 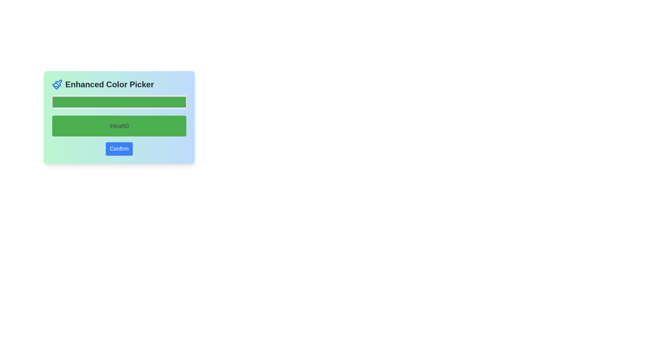 I want to click on graphic/icon component located on the left of the title bar, preceding the text 'Enhanced Color Picker', to view its details, so click(x=59, y=83).